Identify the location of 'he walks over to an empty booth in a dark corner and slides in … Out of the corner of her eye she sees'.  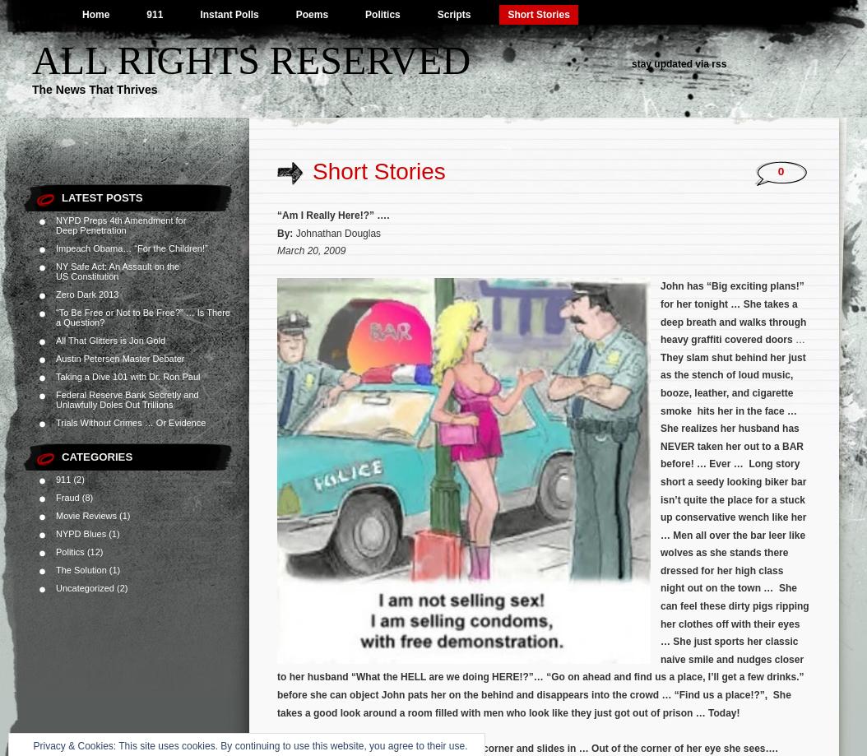
(524, 746).